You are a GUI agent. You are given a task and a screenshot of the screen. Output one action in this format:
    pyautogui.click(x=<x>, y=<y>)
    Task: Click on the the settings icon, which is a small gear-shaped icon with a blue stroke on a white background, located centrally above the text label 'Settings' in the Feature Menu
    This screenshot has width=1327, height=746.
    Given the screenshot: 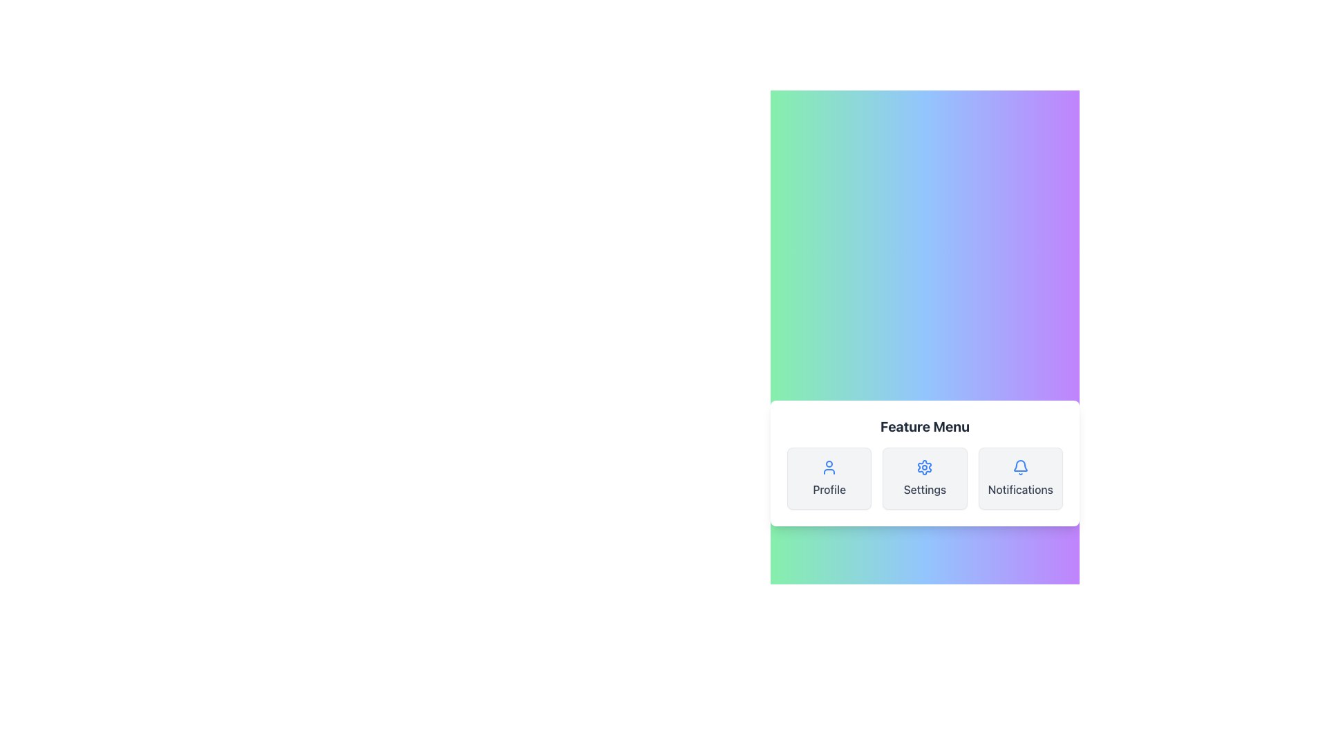 What is the action you would take?
    pyautogui.click(x=925, y=467)
    